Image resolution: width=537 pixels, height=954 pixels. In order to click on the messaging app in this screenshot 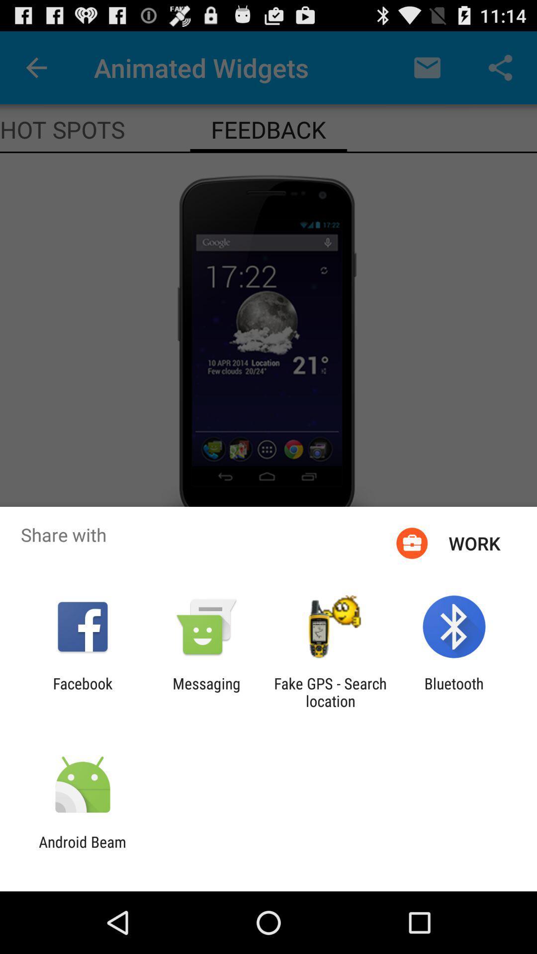, I will do `click(206, 692)`.